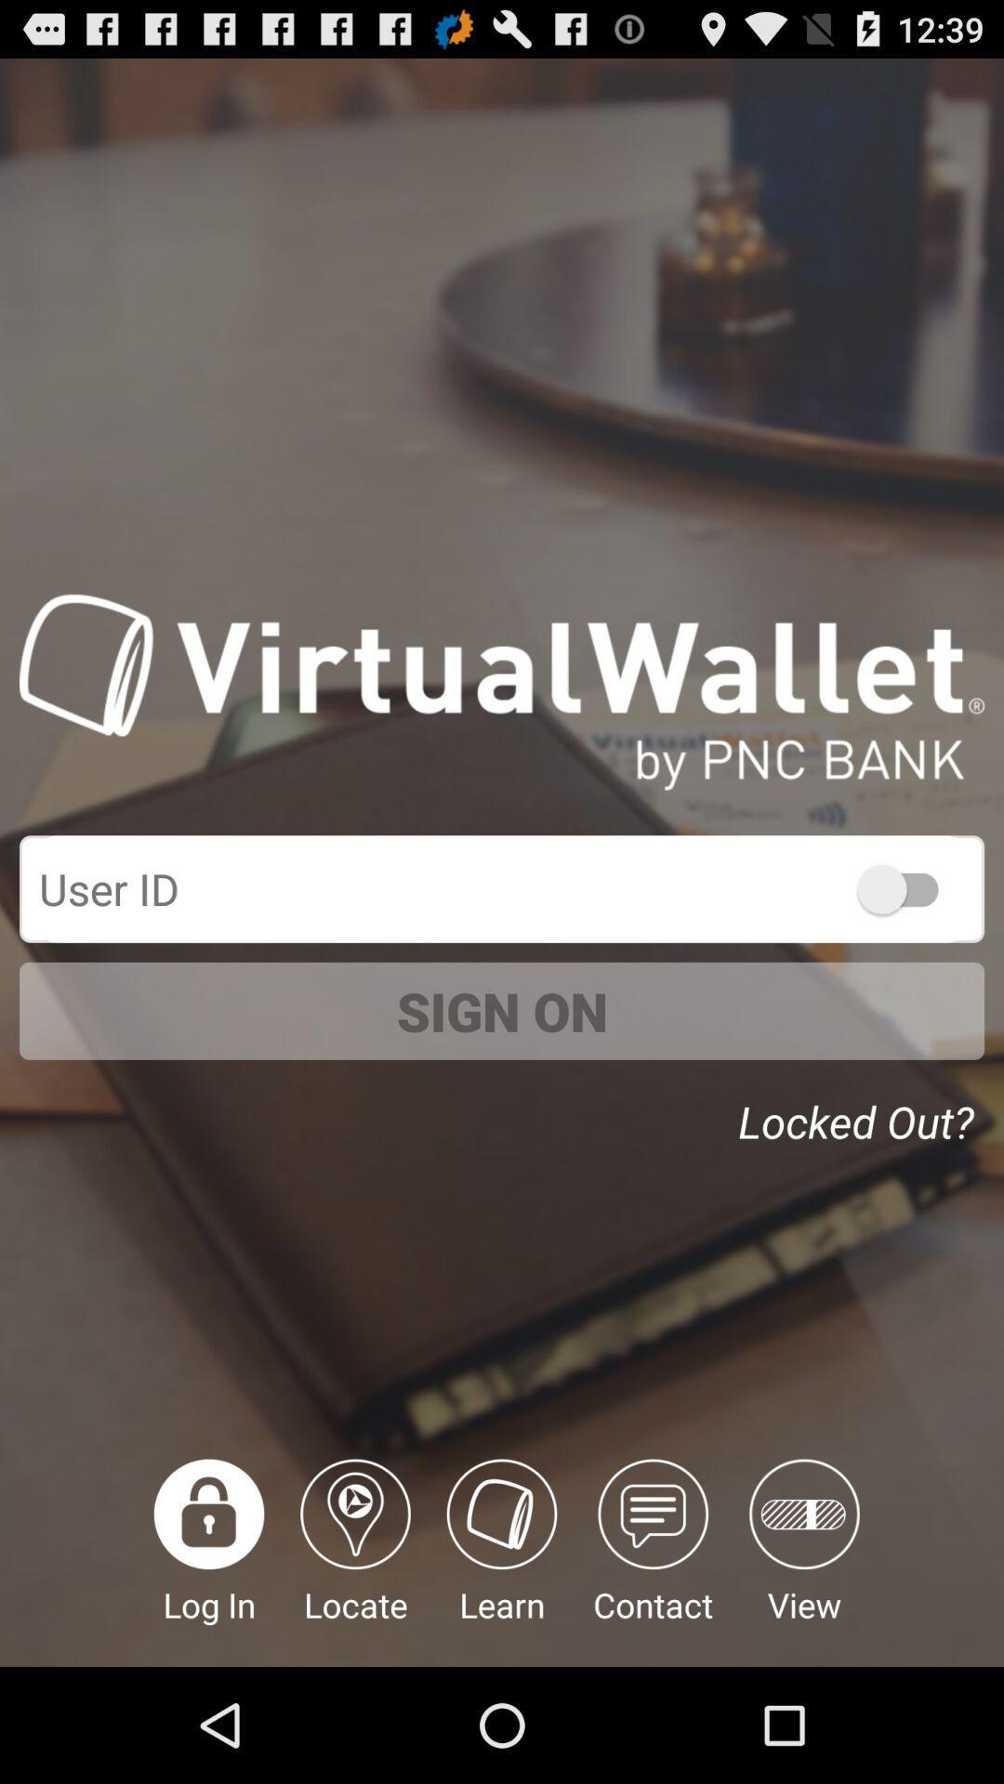 The height and width of the screenshot is (1784, 1004). I want to click on the item next to contact, so click(502, 1562).